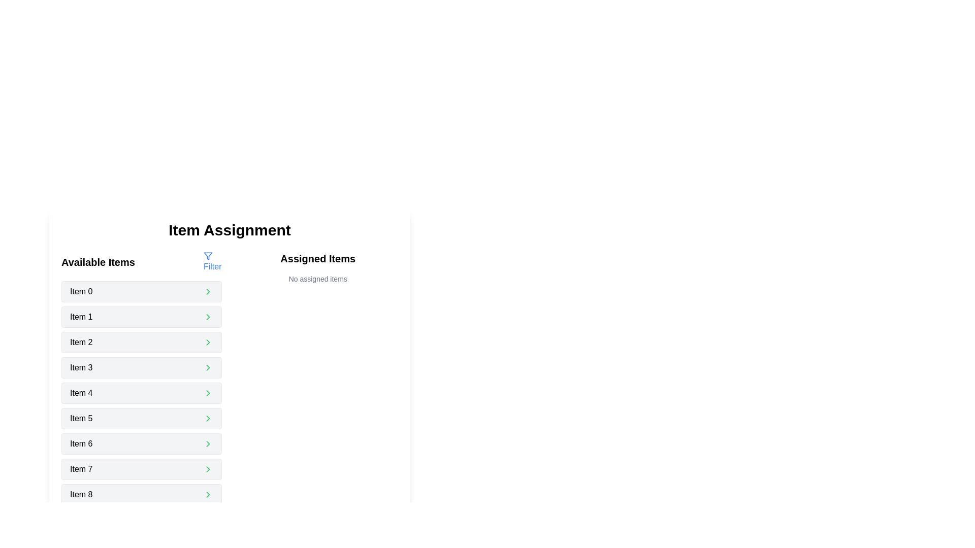 The height and width of the screenshot is (548, 975). I want to click on the list item labeled 'Item 6', so click(141, 443).